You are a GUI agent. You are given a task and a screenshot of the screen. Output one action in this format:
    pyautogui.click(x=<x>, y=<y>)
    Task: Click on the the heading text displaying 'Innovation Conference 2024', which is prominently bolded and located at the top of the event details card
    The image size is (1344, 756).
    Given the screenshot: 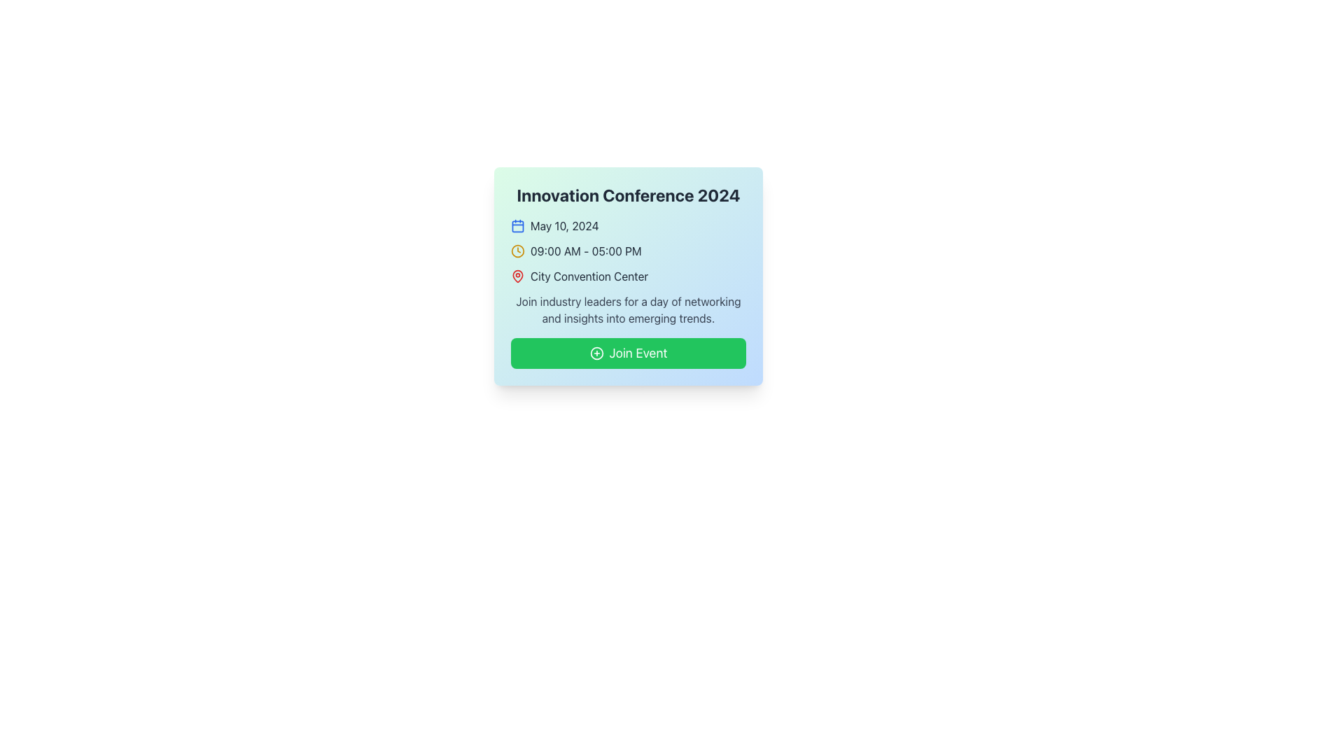 What is the action you would take?
    pyautogui.click(x=627, y=195)
    